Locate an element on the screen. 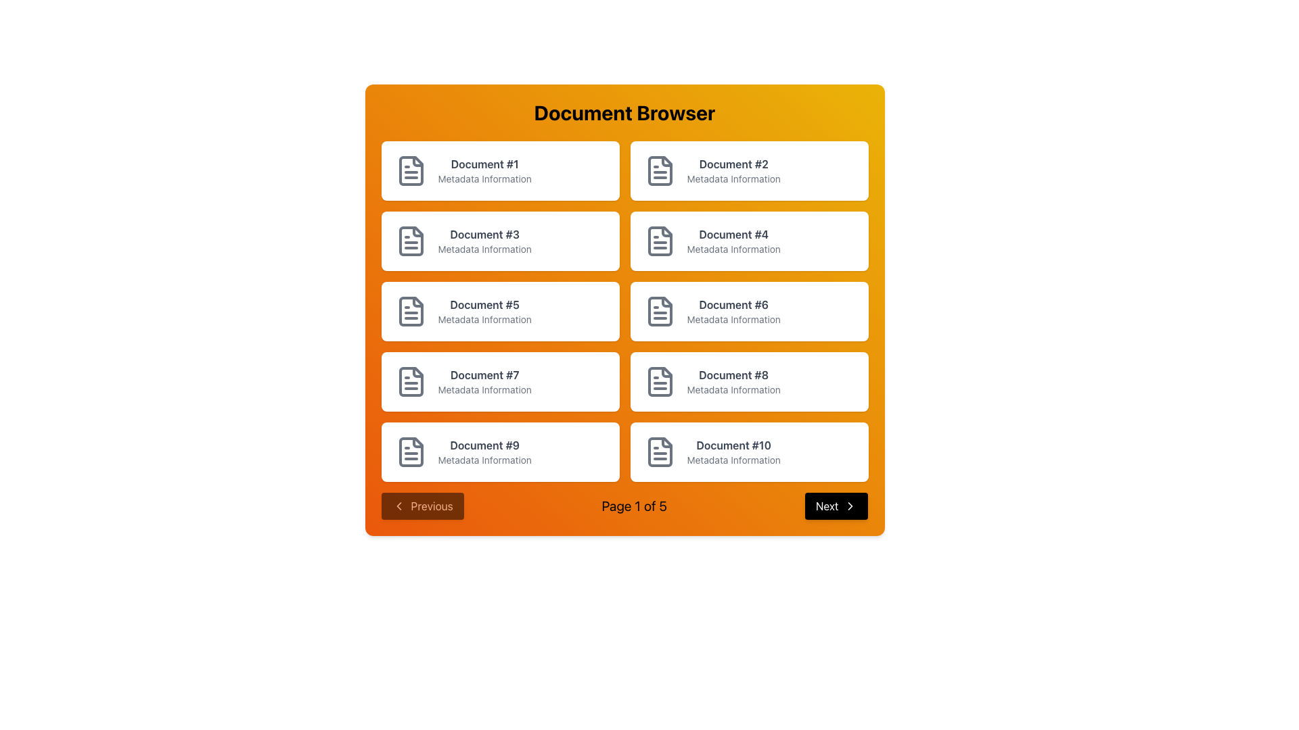 The height and width of the screenshot is (730, 1299). the graphical detail in the SVG illustration that indicates a folded corner for the second document icon in the grid under 'Document #2' is located at coordinates (666, 161).